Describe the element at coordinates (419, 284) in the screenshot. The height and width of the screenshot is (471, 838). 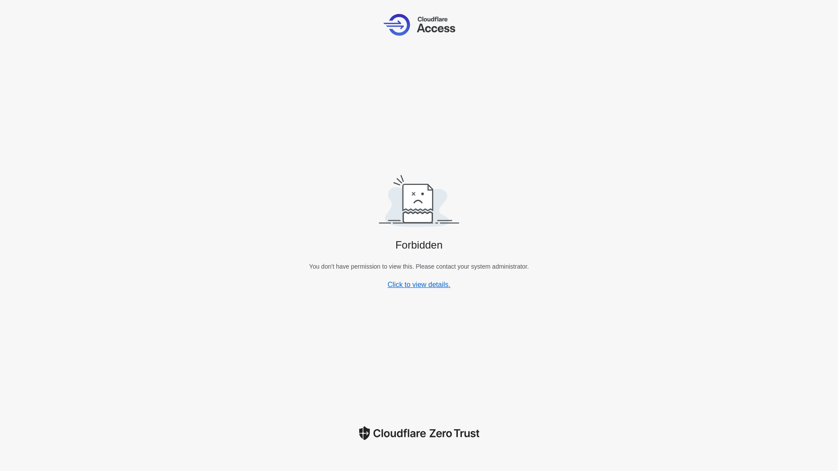
I see `'Click to view details.'` at that location.